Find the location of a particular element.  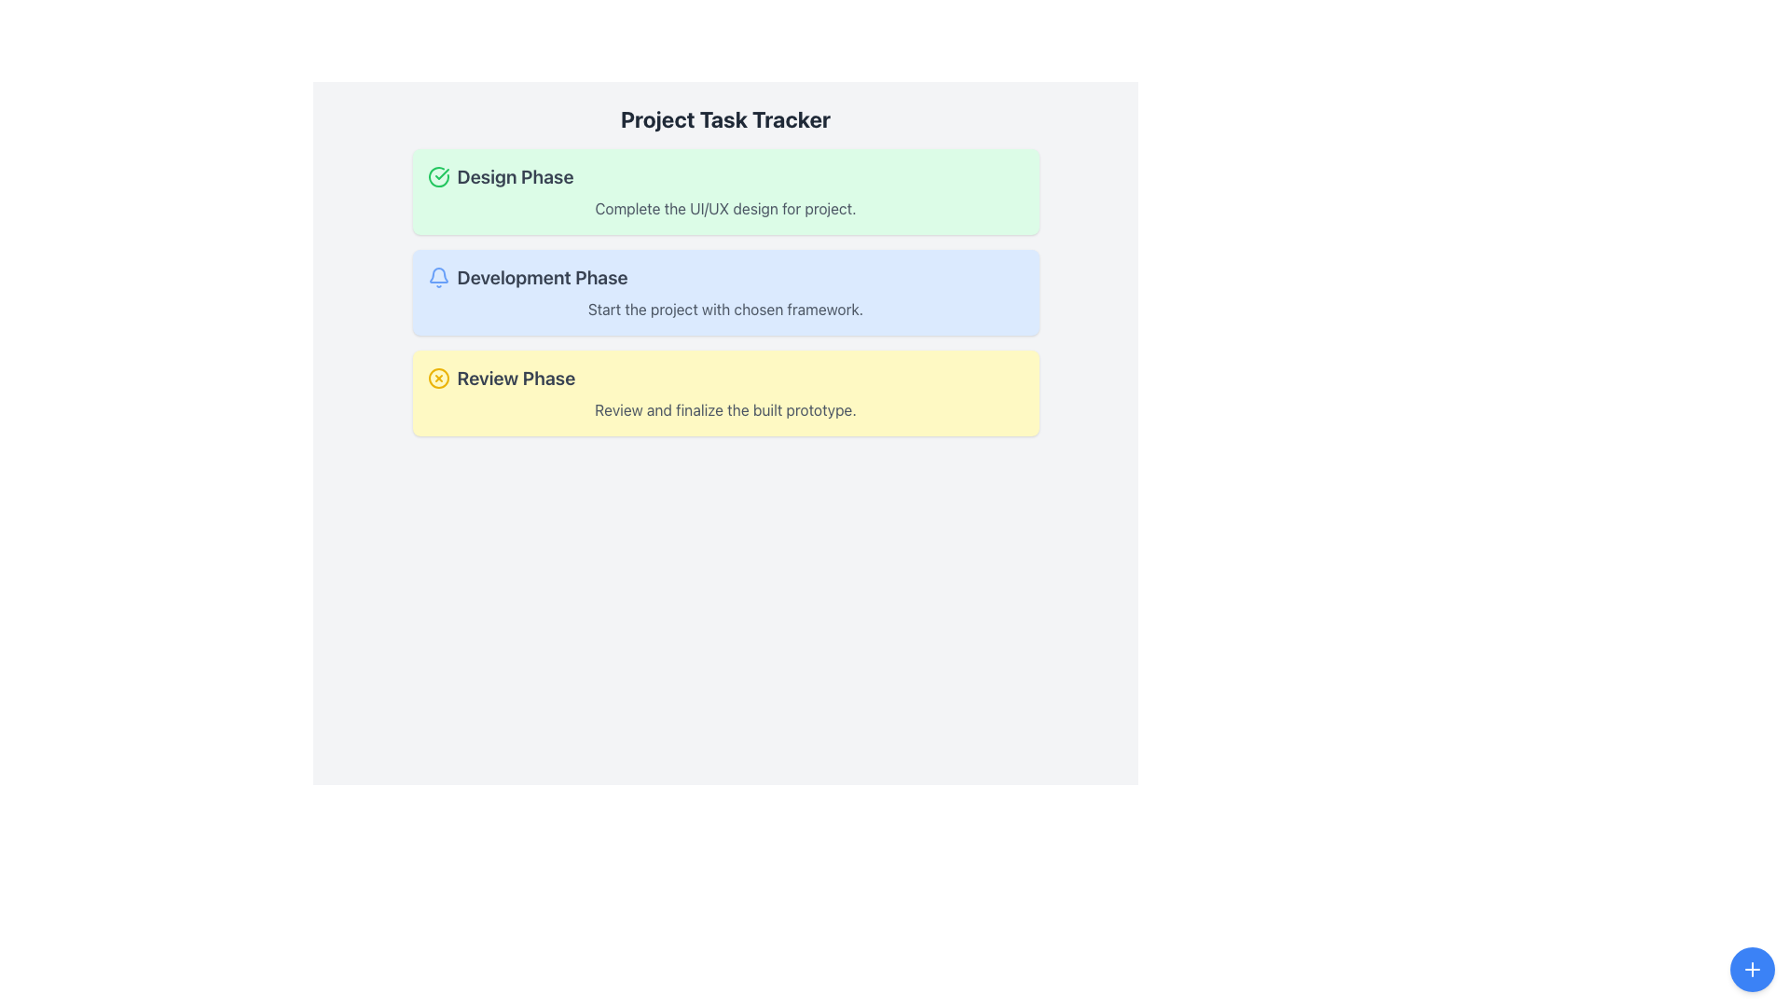

the 'Review Phase' text label, which is styled in bold dark gray on a yellow background and is the third item in a vertical list of phases is located at coordinates (516, 378).